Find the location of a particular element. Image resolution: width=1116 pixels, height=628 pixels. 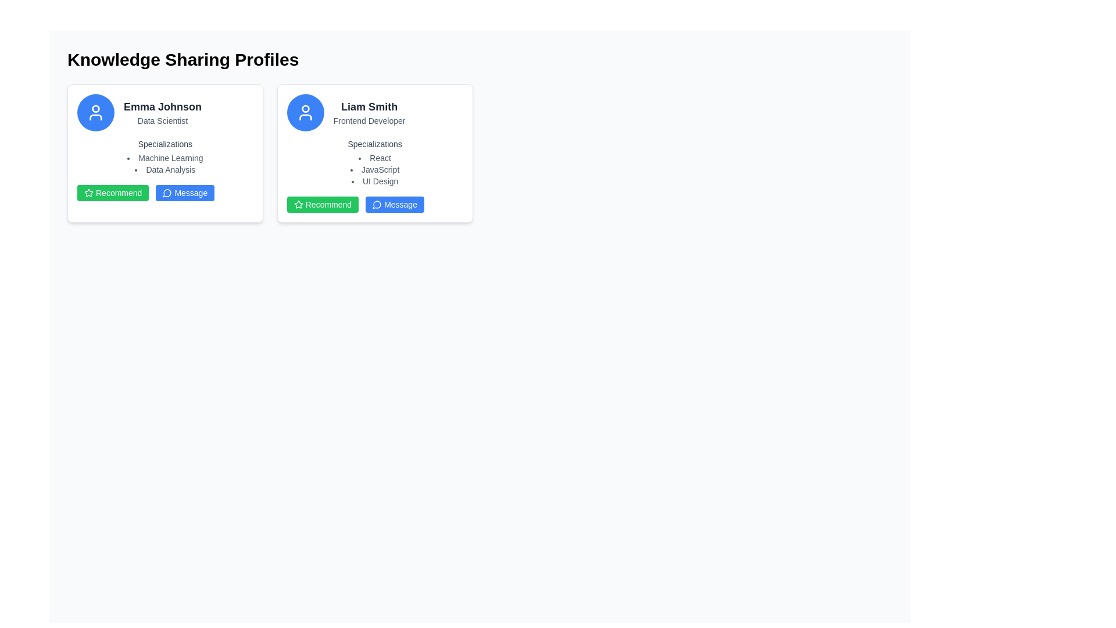

the circular profile picture area with a blue background and white user silhouette icon, which is the leftmost profile picture in the 'Knowledge Sharing Profiles' section above 'Emma Johnson' and 'Data Scientist' is located at coordinates (95, 112).